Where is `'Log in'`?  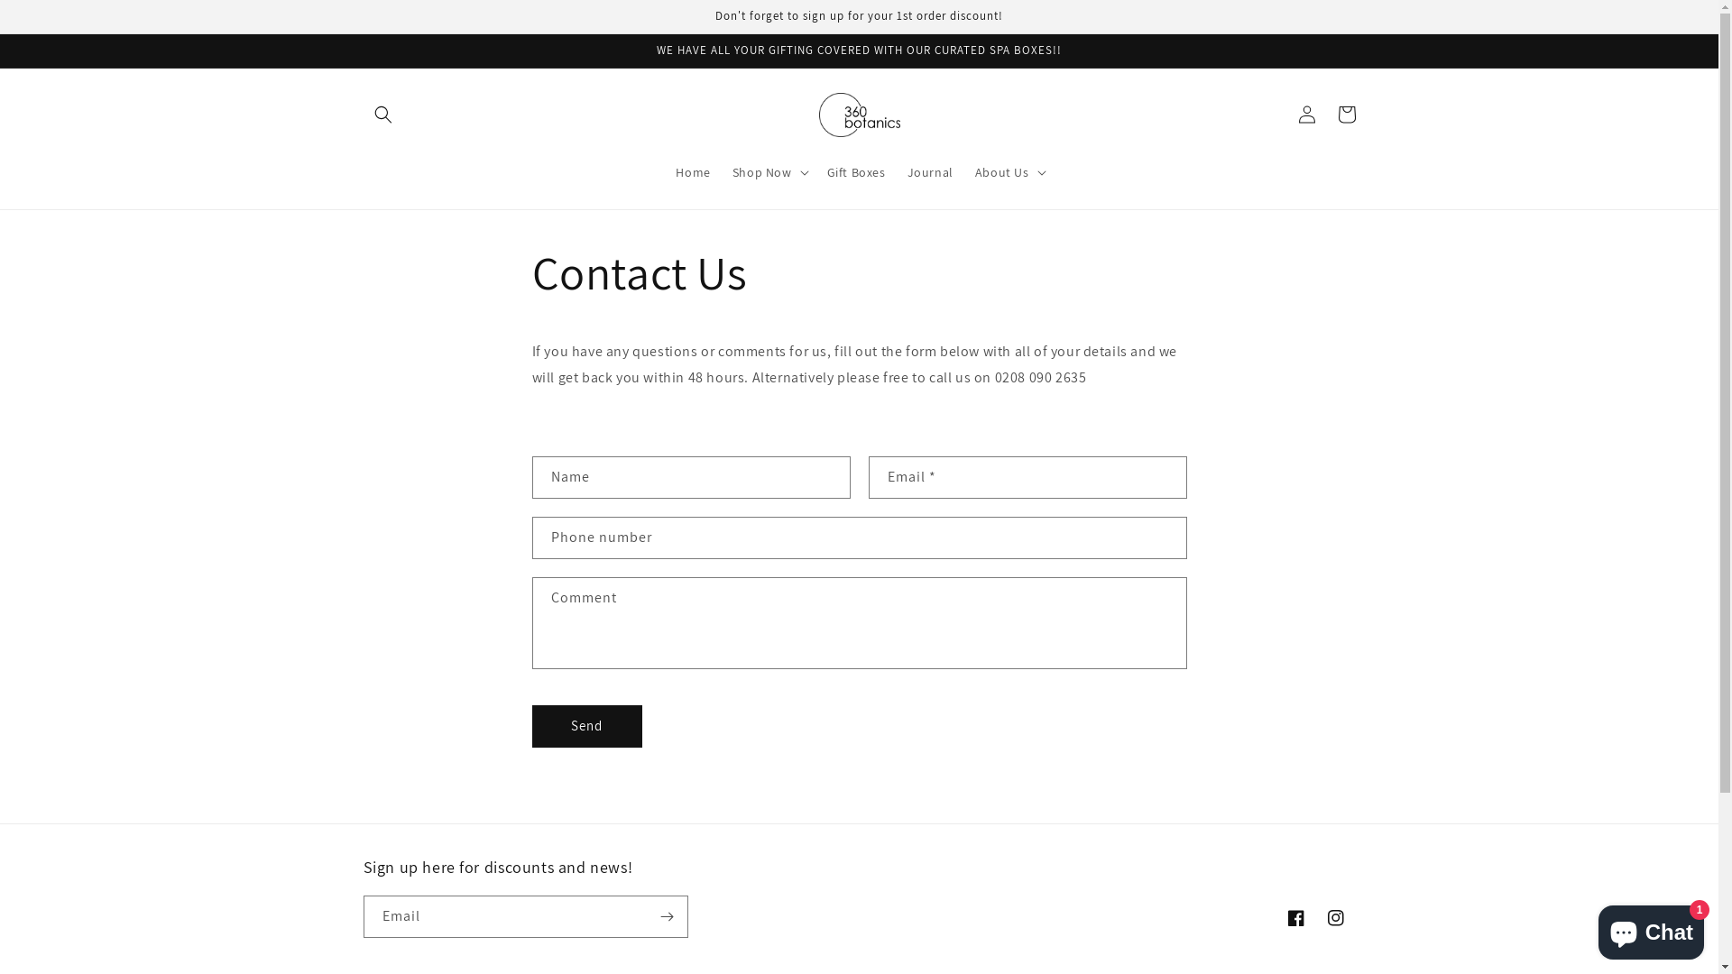 'Log in' is located at coordinates (1306, 115).